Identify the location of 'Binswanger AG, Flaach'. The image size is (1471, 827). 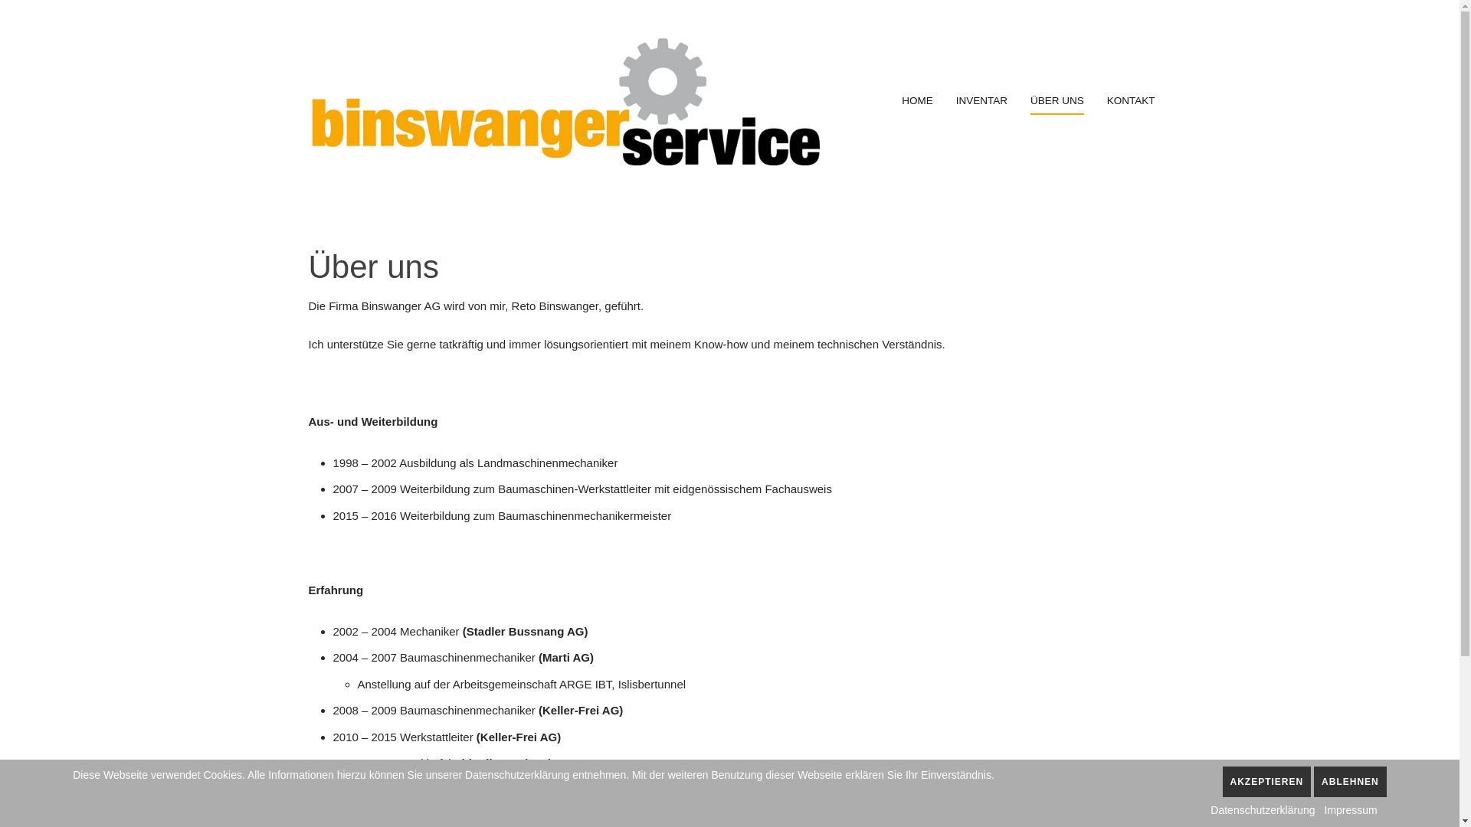
(562, 100).